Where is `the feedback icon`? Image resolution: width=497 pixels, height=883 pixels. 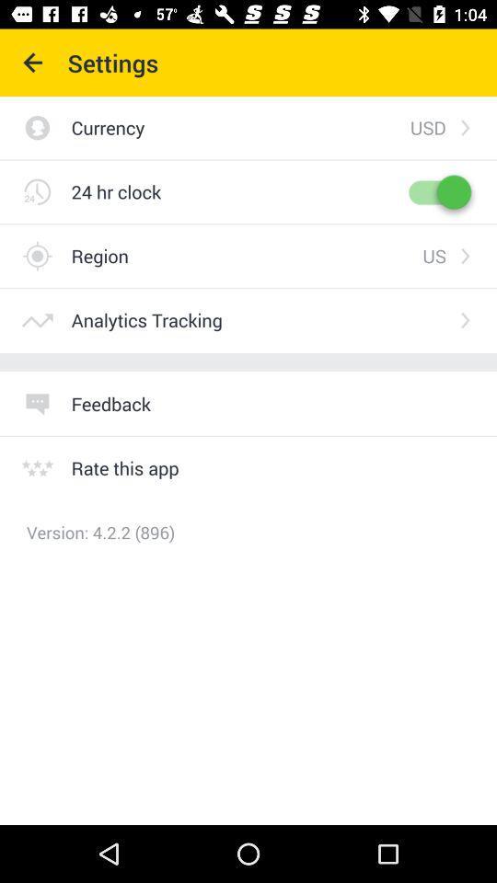 the feedback icon is located at coordinates (110, 404).